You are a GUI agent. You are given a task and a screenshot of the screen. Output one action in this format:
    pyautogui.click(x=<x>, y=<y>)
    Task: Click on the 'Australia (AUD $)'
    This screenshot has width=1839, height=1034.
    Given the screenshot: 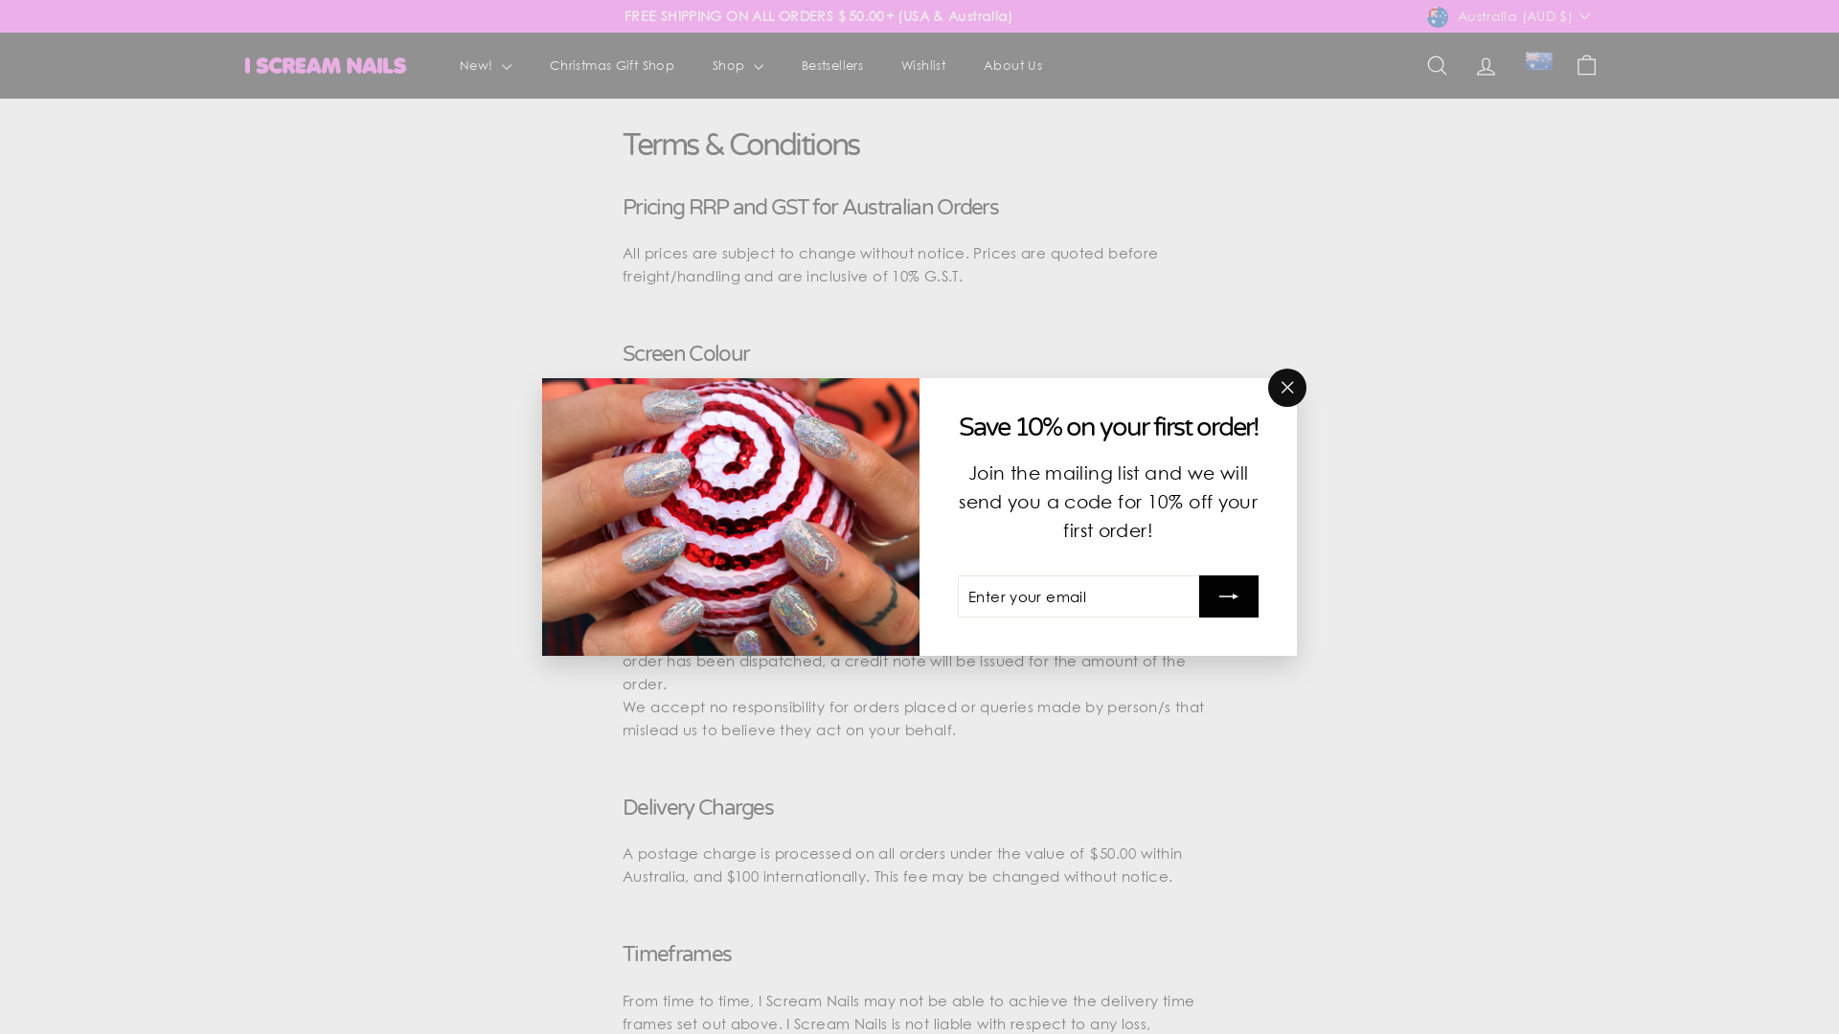 What is the action you would take?
    pyautogui.click(x=1426, y=15)
    